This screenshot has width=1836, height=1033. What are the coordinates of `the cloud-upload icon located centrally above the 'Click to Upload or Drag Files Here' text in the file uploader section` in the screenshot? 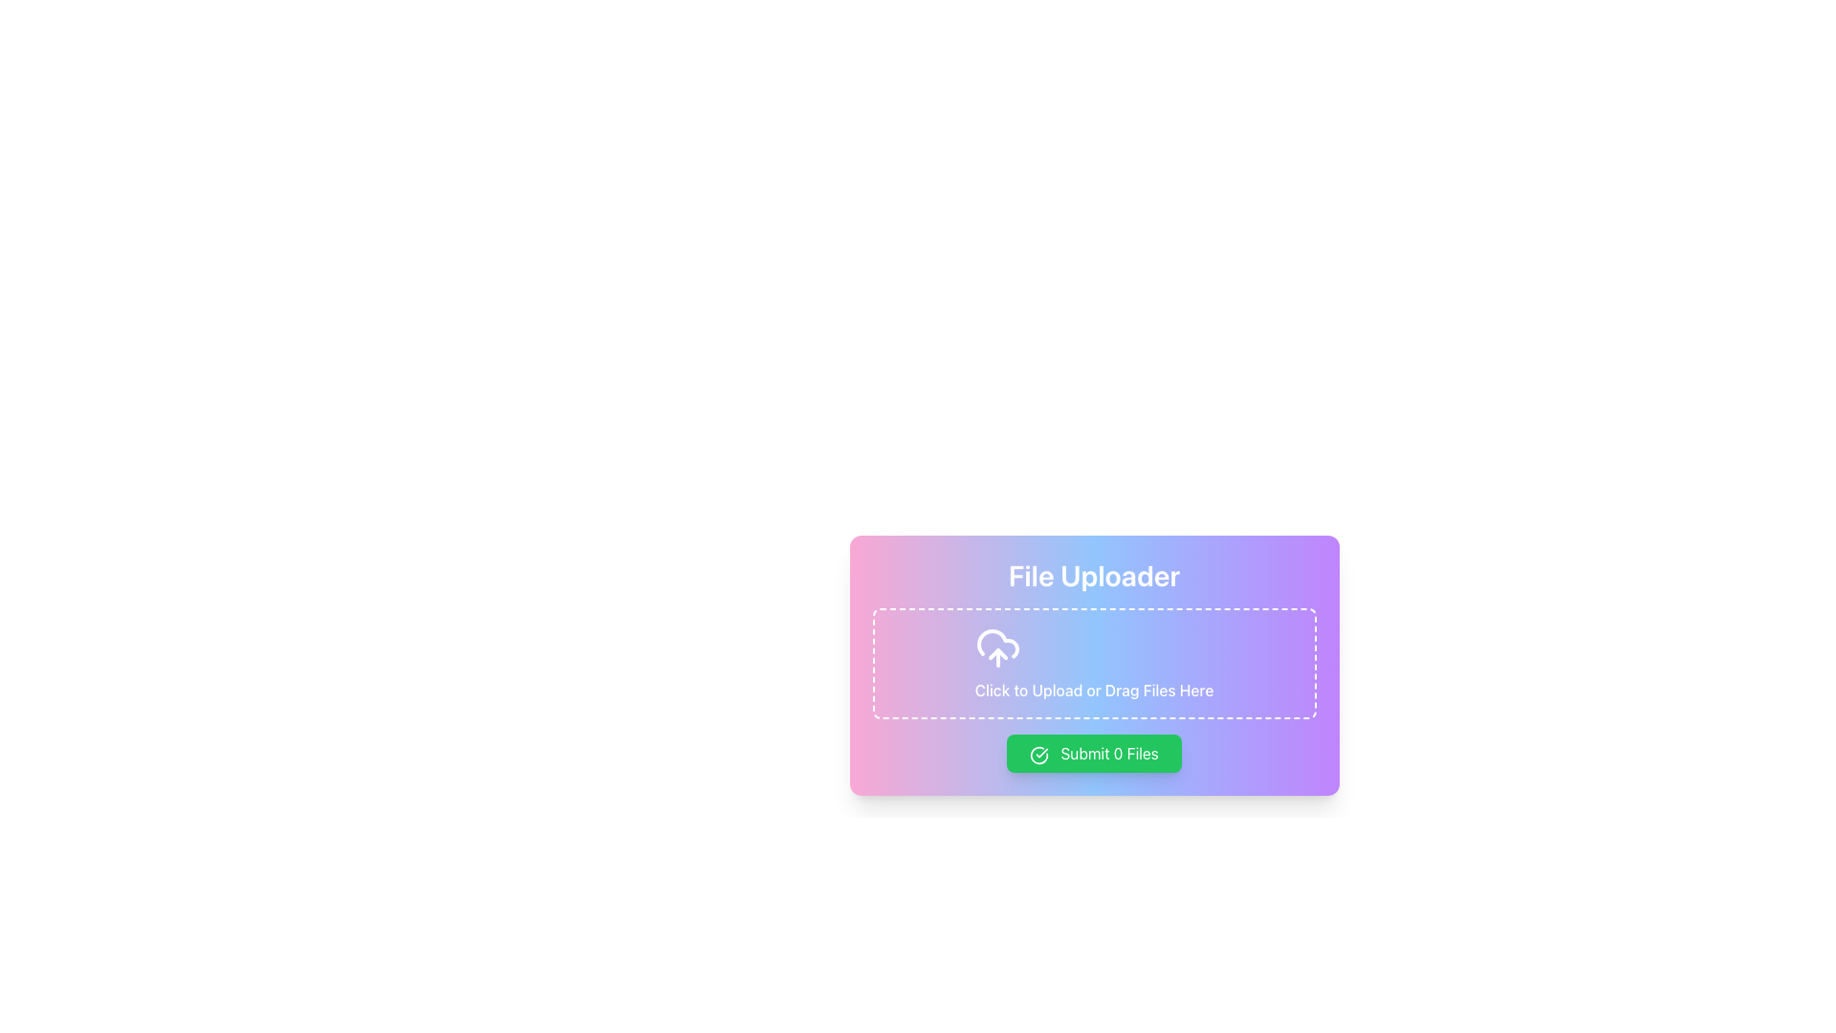 It's located at (996, 648).